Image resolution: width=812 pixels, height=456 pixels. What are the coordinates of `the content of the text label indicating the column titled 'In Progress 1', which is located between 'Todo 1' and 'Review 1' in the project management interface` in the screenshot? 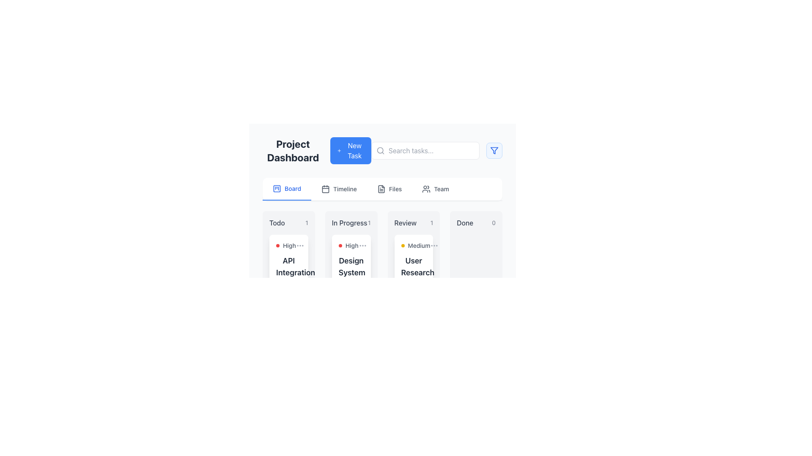 It's located at (349, 223).